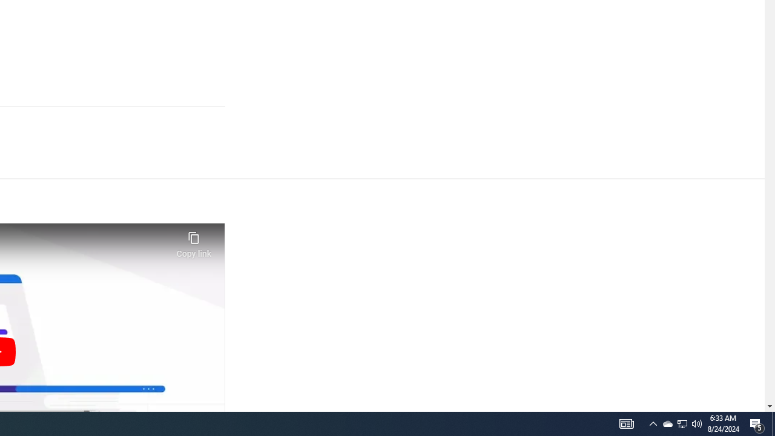  What do you see at coordinates (194, 241) in the screenshot?
I see `'Copy link'` at bounding box center [194, 241].